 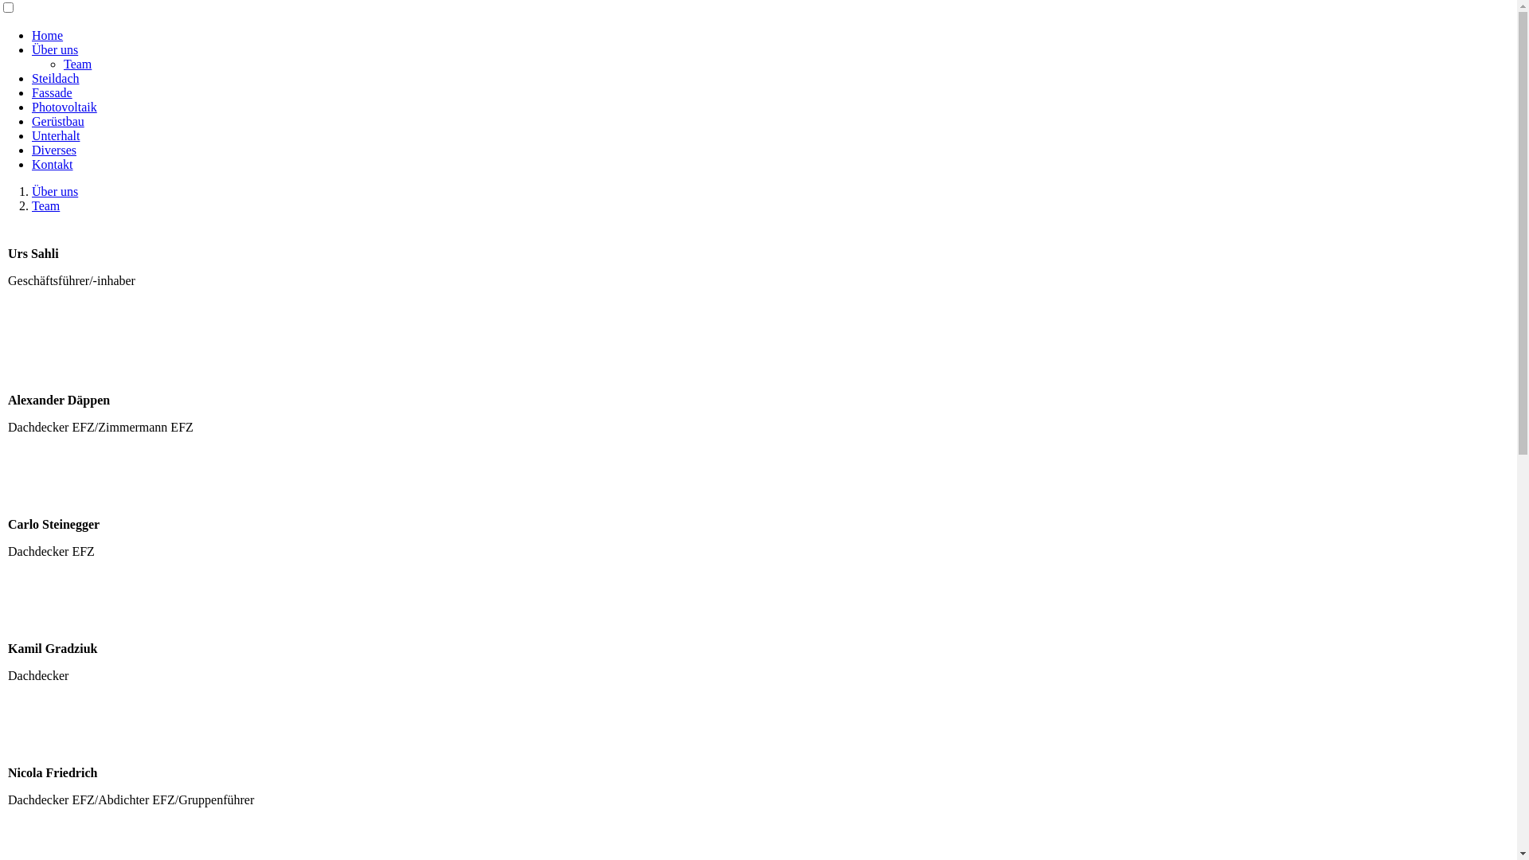 I want to click on 'Team', so click(x=31, y=205).